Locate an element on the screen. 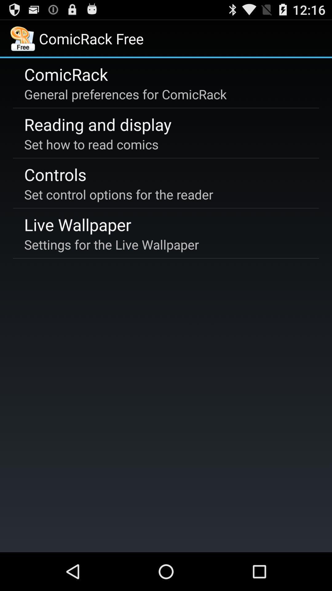 The width and height of the screenshot is (332, 591). app above the set control options item is located at coordinates (55, 174).